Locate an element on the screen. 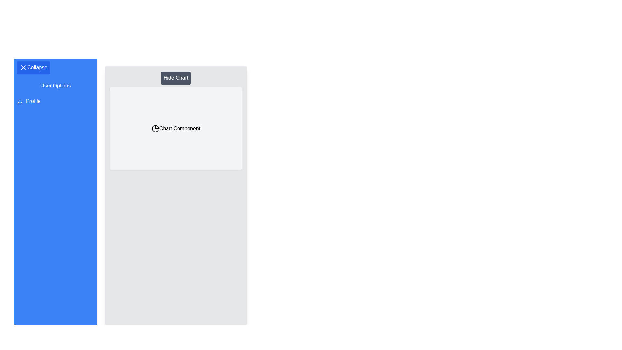  the button located at the upper section of the vertical blue sidebar is located at coordinates (33, 67).